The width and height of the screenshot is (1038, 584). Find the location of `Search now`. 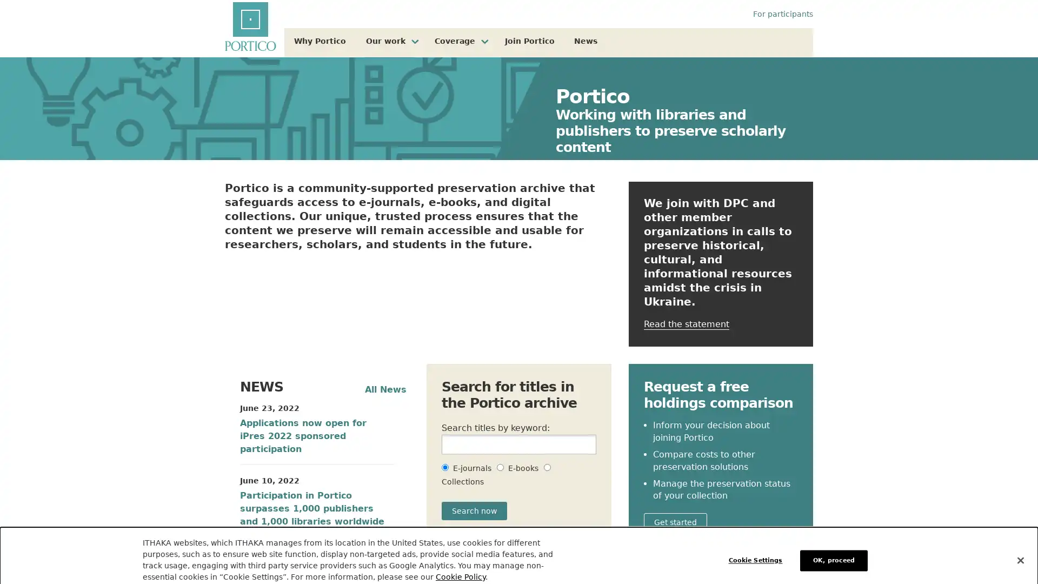

Search now is located at coordinates (474, 511).